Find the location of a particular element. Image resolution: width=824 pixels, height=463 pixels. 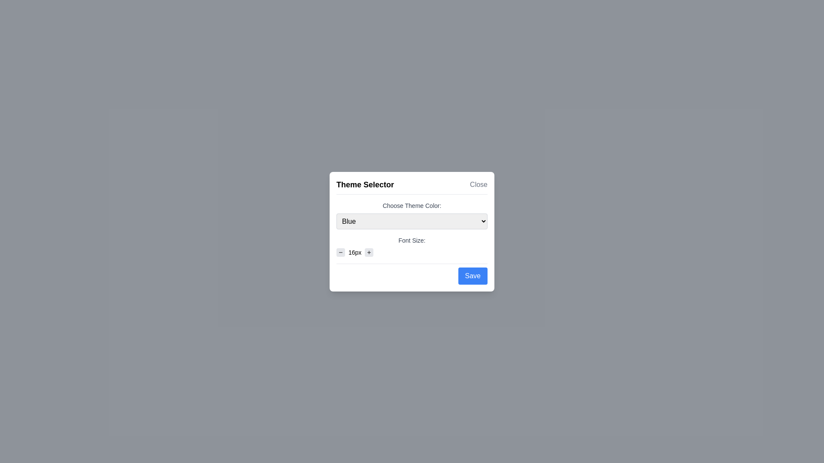

current font size displayed in the Font size selector, which shows '16px' is located at coordinates (412, 252).